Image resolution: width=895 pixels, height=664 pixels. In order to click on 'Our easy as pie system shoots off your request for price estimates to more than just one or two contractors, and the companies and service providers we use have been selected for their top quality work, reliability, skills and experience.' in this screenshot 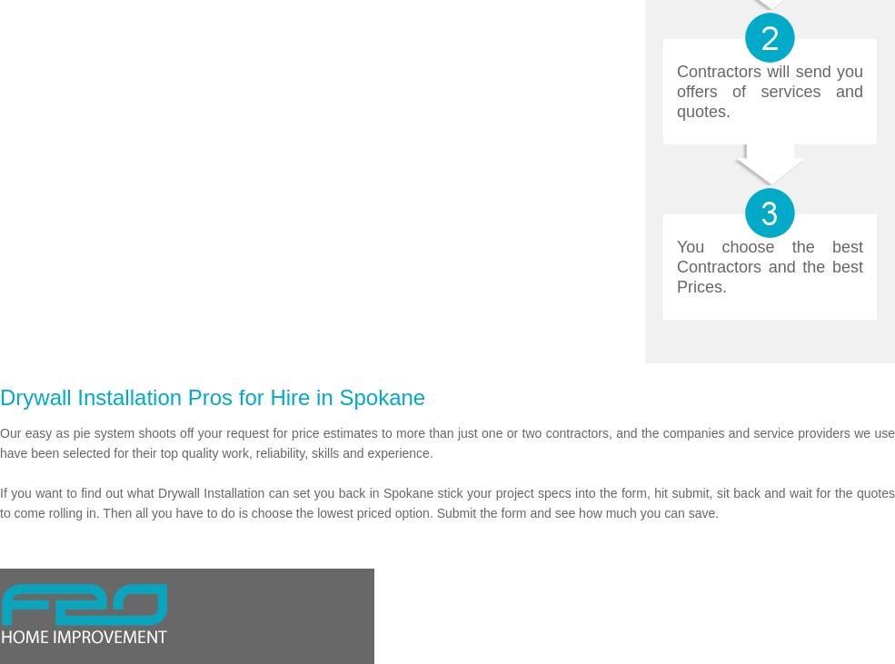, I will do `click(446, 442)`.